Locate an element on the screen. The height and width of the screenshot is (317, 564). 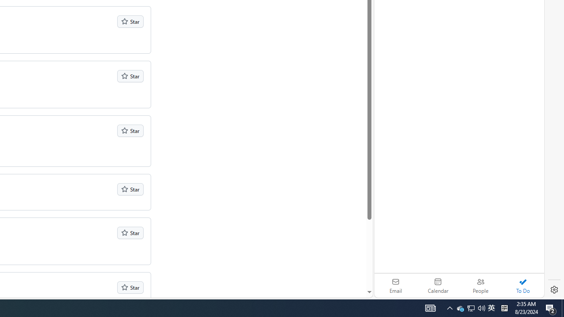
'Email' is located at coordinates (395, 285).